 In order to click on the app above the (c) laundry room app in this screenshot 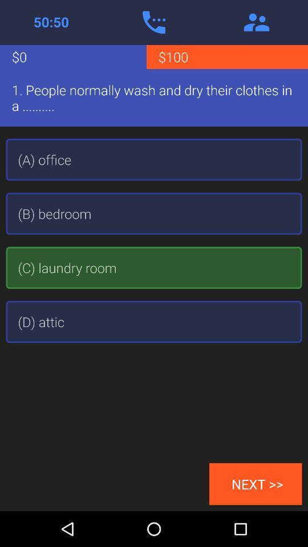, I will do `click(154, 213)`.